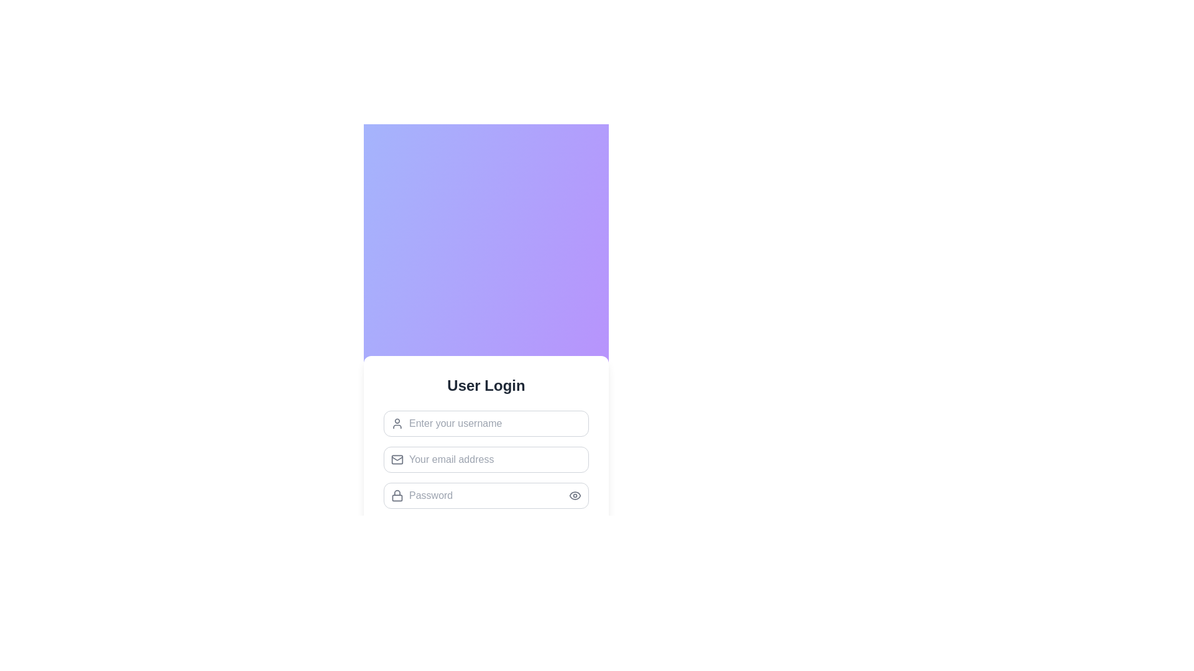  What do you see at coordinates (396, 458) in the screenshot?
I see `the envelope-shaped icon representing email or messaging function, located to the left of the 'Your email address' input field` at bounding box center [396, 458].